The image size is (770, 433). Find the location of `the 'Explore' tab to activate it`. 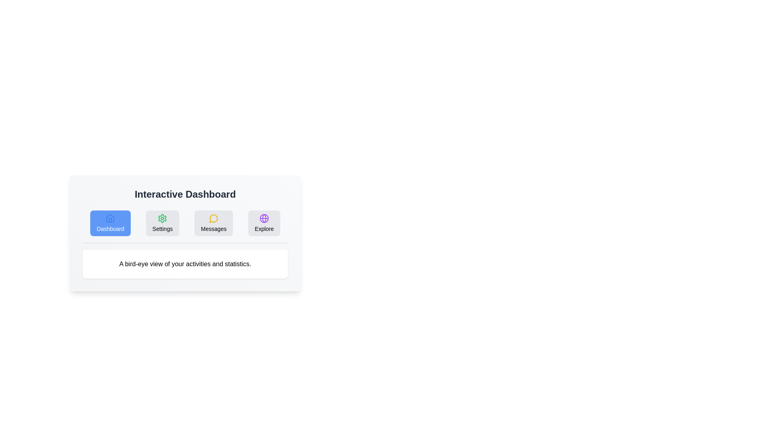

the 'Explore' tab to activate it is located at coordinates (264, 223).